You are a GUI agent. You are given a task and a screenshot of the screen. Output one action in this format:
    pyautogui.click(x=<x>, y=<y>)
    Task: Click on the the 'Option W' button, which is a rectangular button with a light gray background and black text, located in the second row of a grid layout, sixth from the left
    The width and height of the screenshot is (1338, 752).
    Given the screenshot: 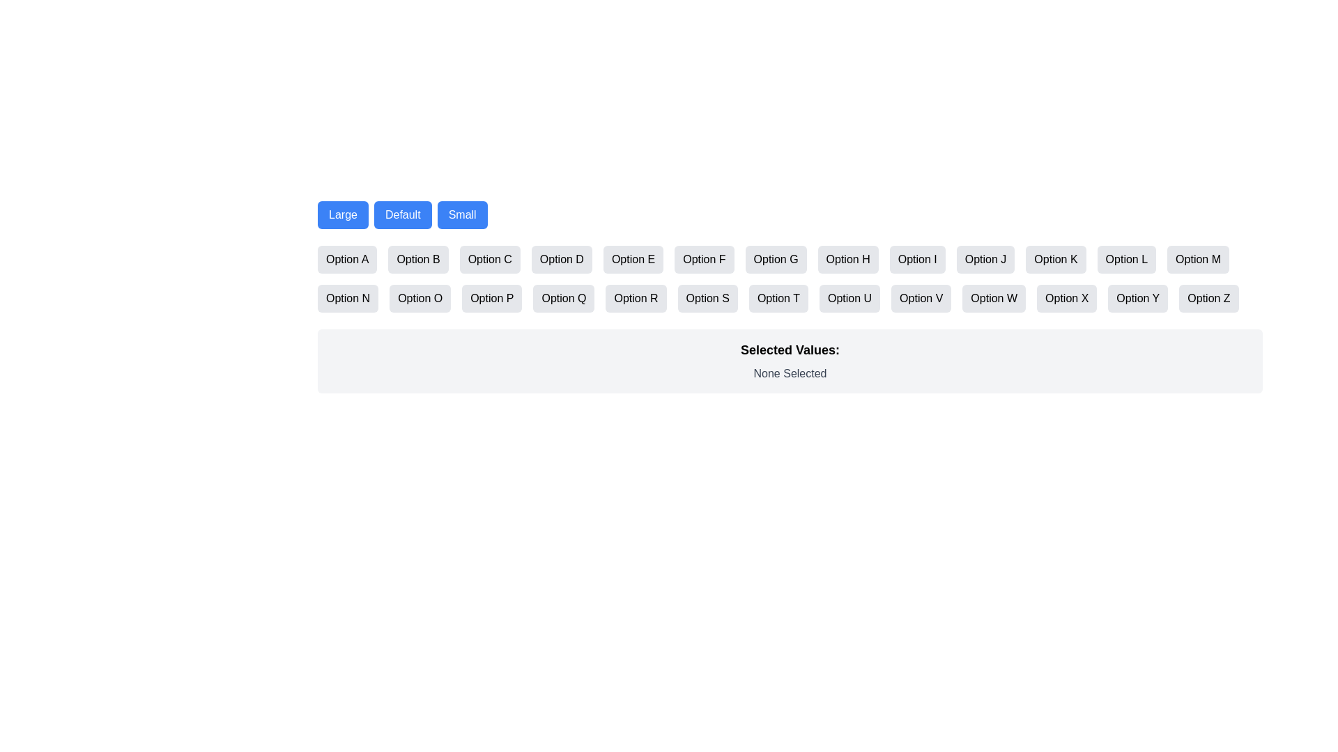 What is the action you would take?
    pyautogui.click(x=993, y=297)
    